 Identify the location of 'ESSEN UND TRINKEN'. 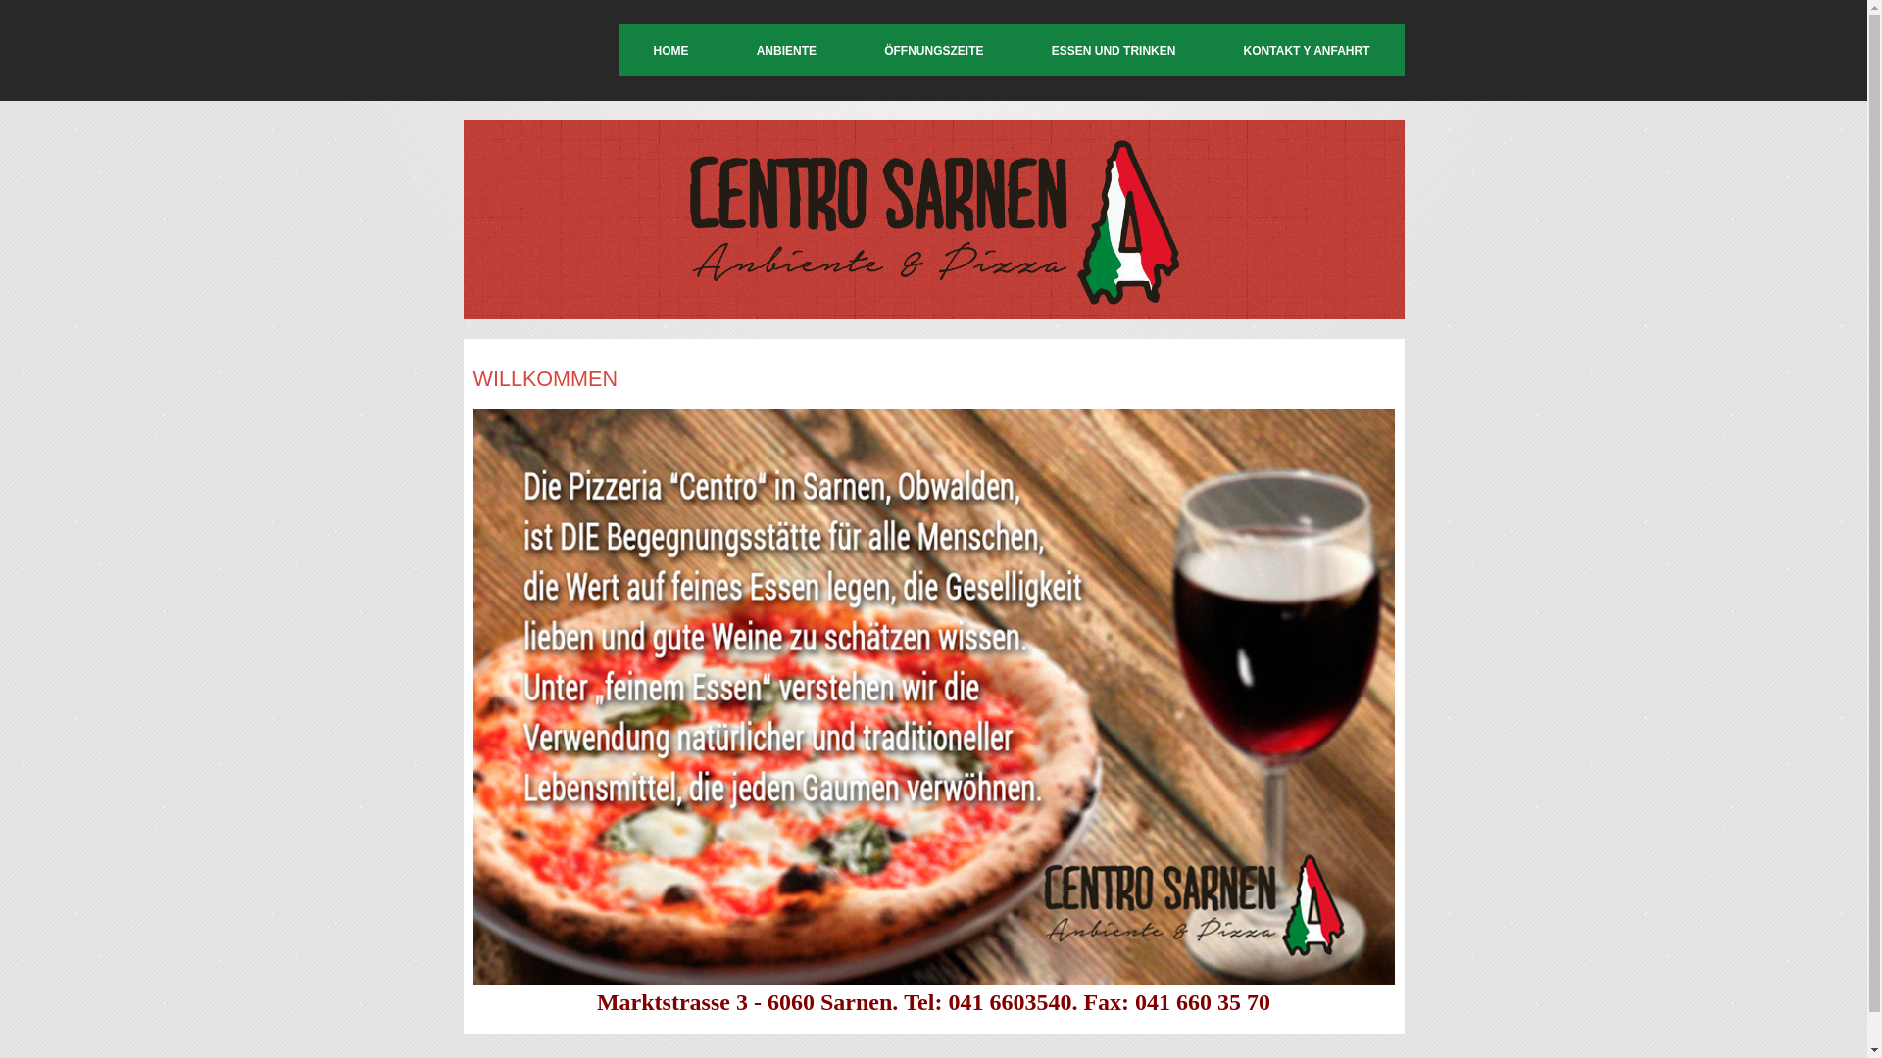
(1114, 49).